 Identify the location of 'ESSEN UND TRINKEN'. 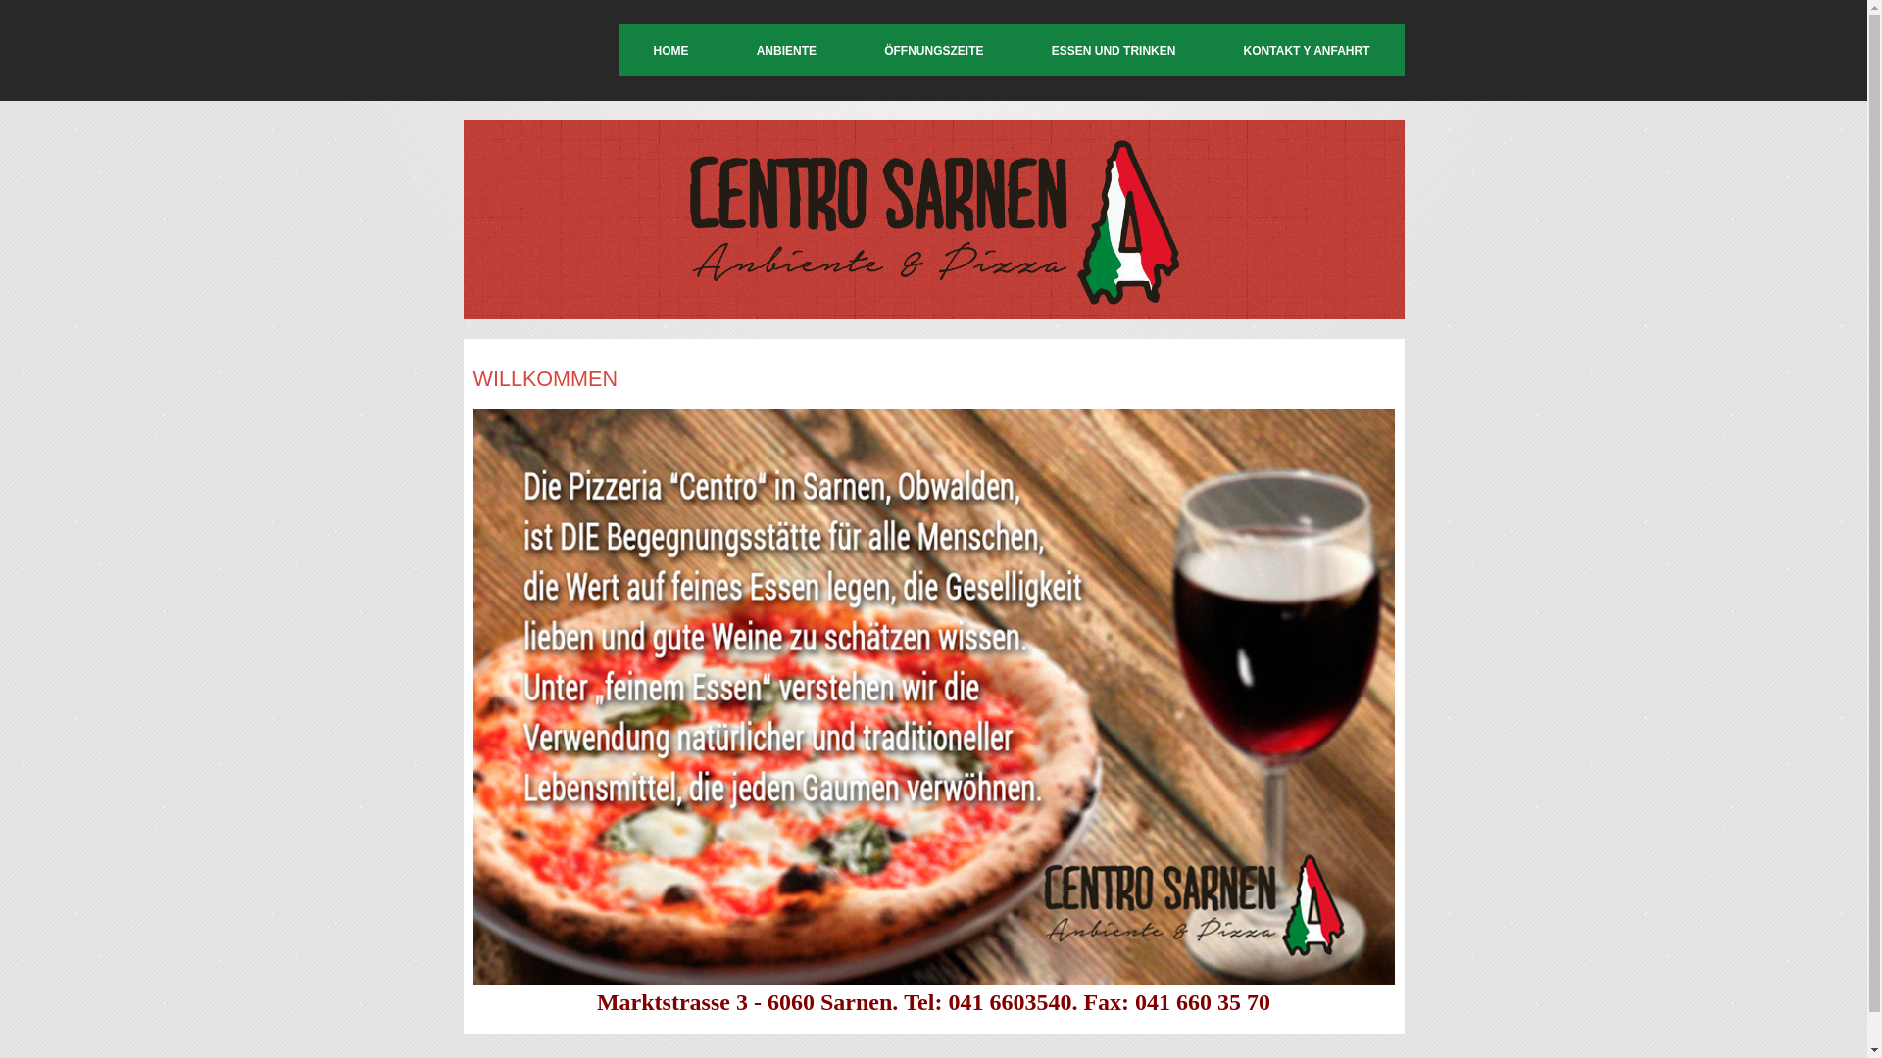
(1114, 49).